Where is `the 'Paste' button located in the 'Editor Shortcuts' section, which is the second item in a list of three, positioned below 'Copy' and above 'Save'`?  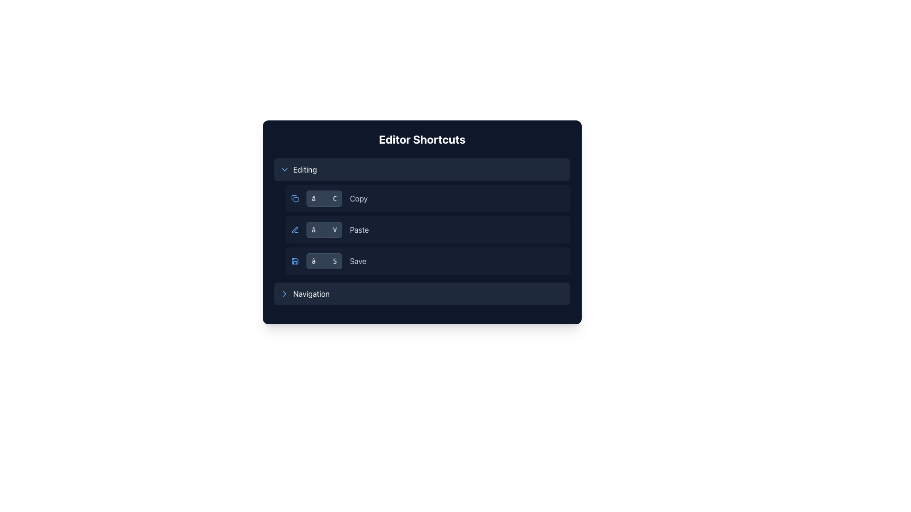
the 'Paste' button located in the 'Editor Shortcuts' section, which is the second item in a list of three, positioned below 'Copy' and above 'Save' is located at coordinates (428, 230).